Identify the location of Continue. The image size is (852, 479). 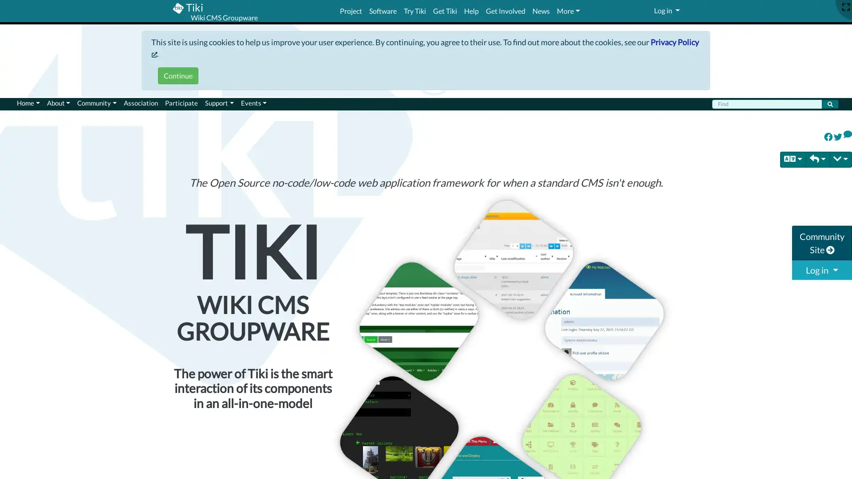
(177, 75).